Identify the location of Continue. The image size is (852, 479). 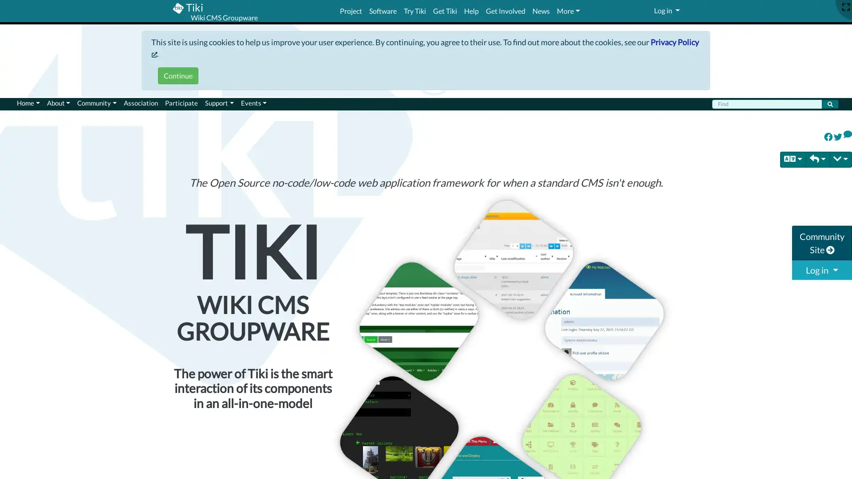
(177, 75).